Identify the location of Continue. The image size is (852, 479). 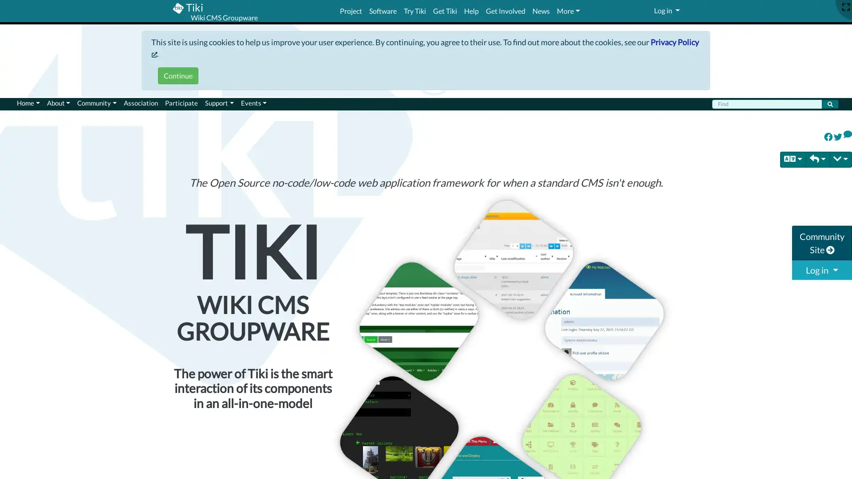
(177, 75).